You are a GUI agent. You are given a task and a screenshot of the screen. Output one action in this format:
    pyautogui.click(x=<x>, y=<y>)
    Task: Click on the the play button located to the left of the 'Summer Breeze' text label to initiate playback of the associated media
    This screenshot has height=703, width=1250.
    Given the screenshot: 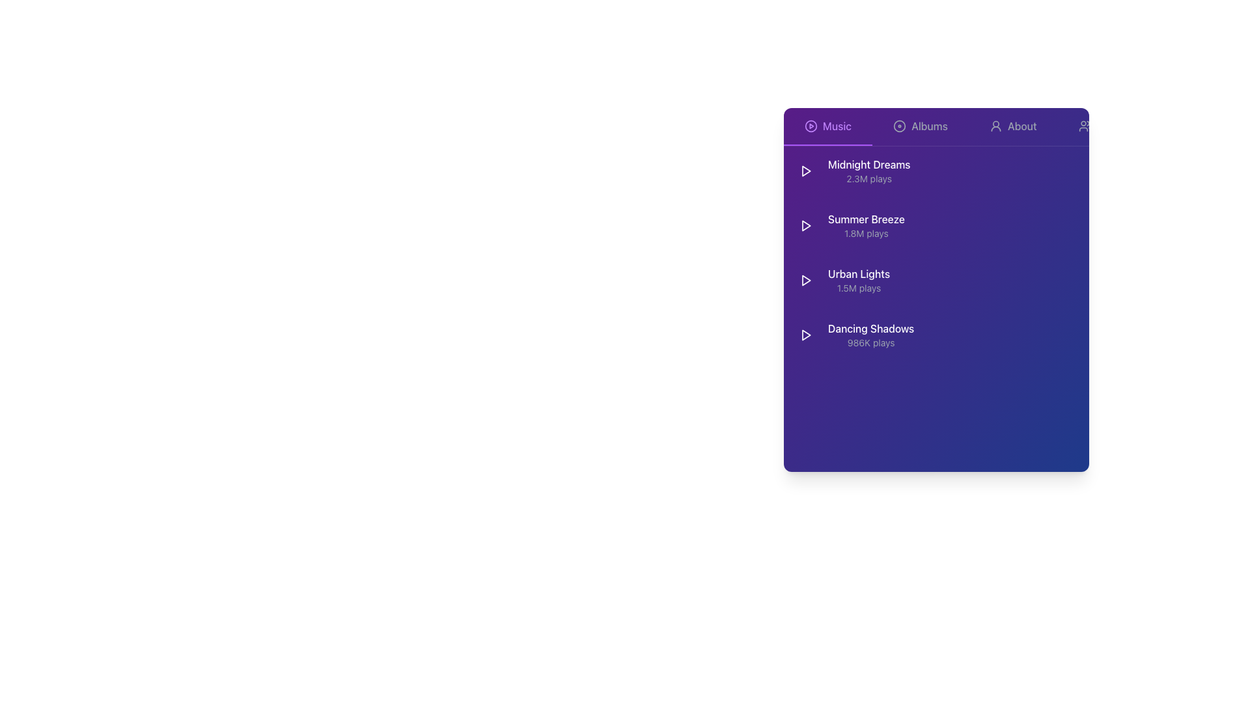 What is the action you would take?
    pyautogui.click(x=805, y=225)
    